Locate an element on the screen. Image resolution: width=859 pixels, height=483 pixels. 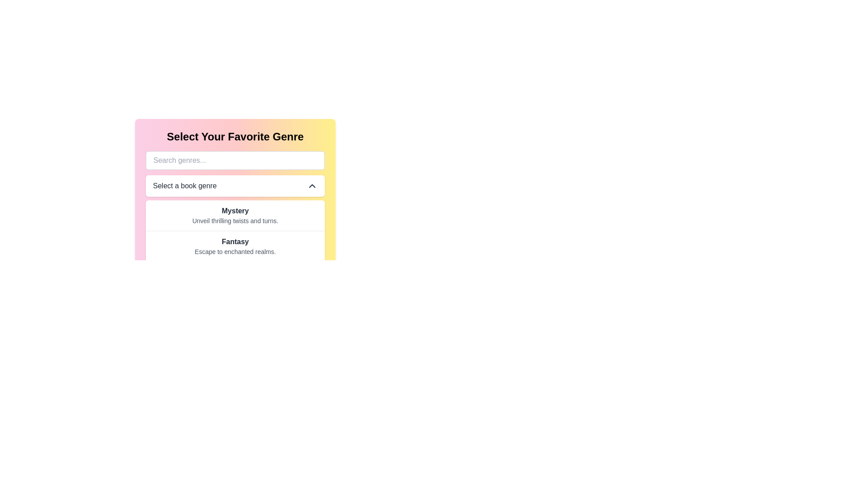
the dropdown menu for selecting a preferred book genre is located at coordinates (235, 225).